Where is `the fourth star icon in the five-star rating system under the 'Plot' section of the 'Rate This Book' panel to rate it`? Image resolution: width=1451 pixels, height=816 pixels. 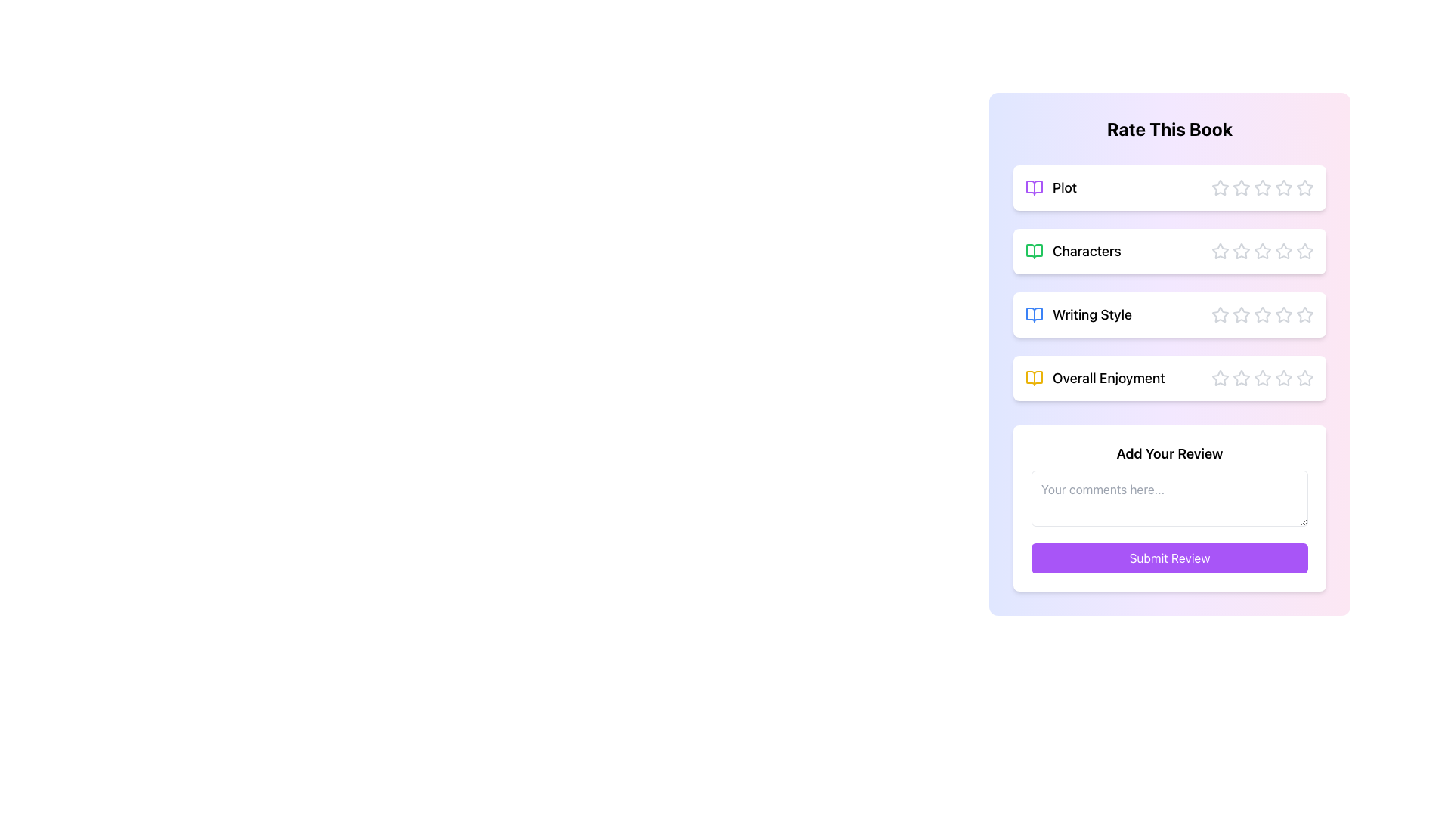
the fourth star icon in the five-star rating system under the 'Plot' section of the 'Rate This Book' panel to rate it is located at coordinates (1262, 187).